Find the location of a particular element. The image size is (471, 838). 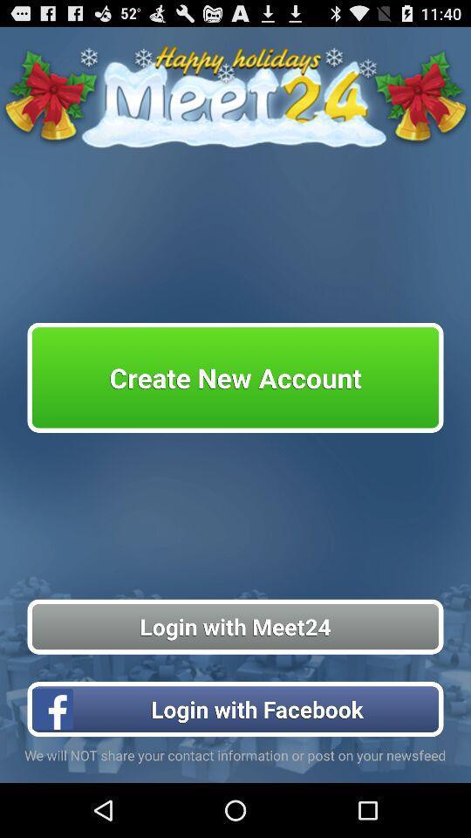

the create new account is located at coordinates (235, 377).